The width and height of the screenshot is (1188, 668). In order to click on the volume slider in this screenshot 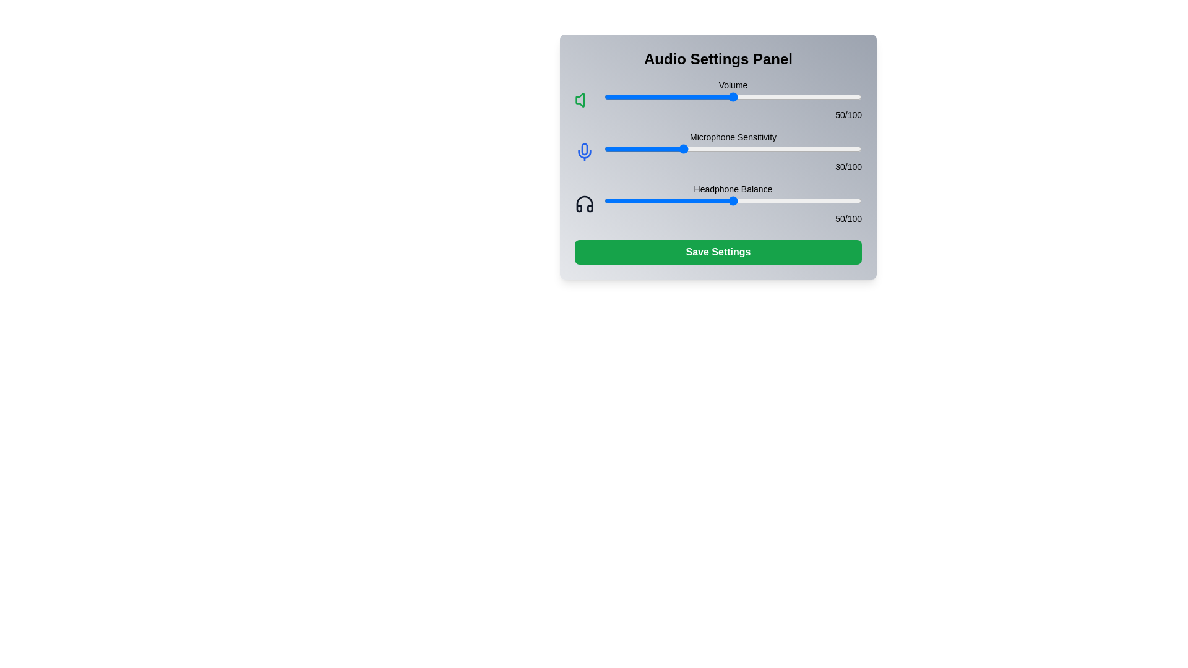, I will do `click(825, 96)`.